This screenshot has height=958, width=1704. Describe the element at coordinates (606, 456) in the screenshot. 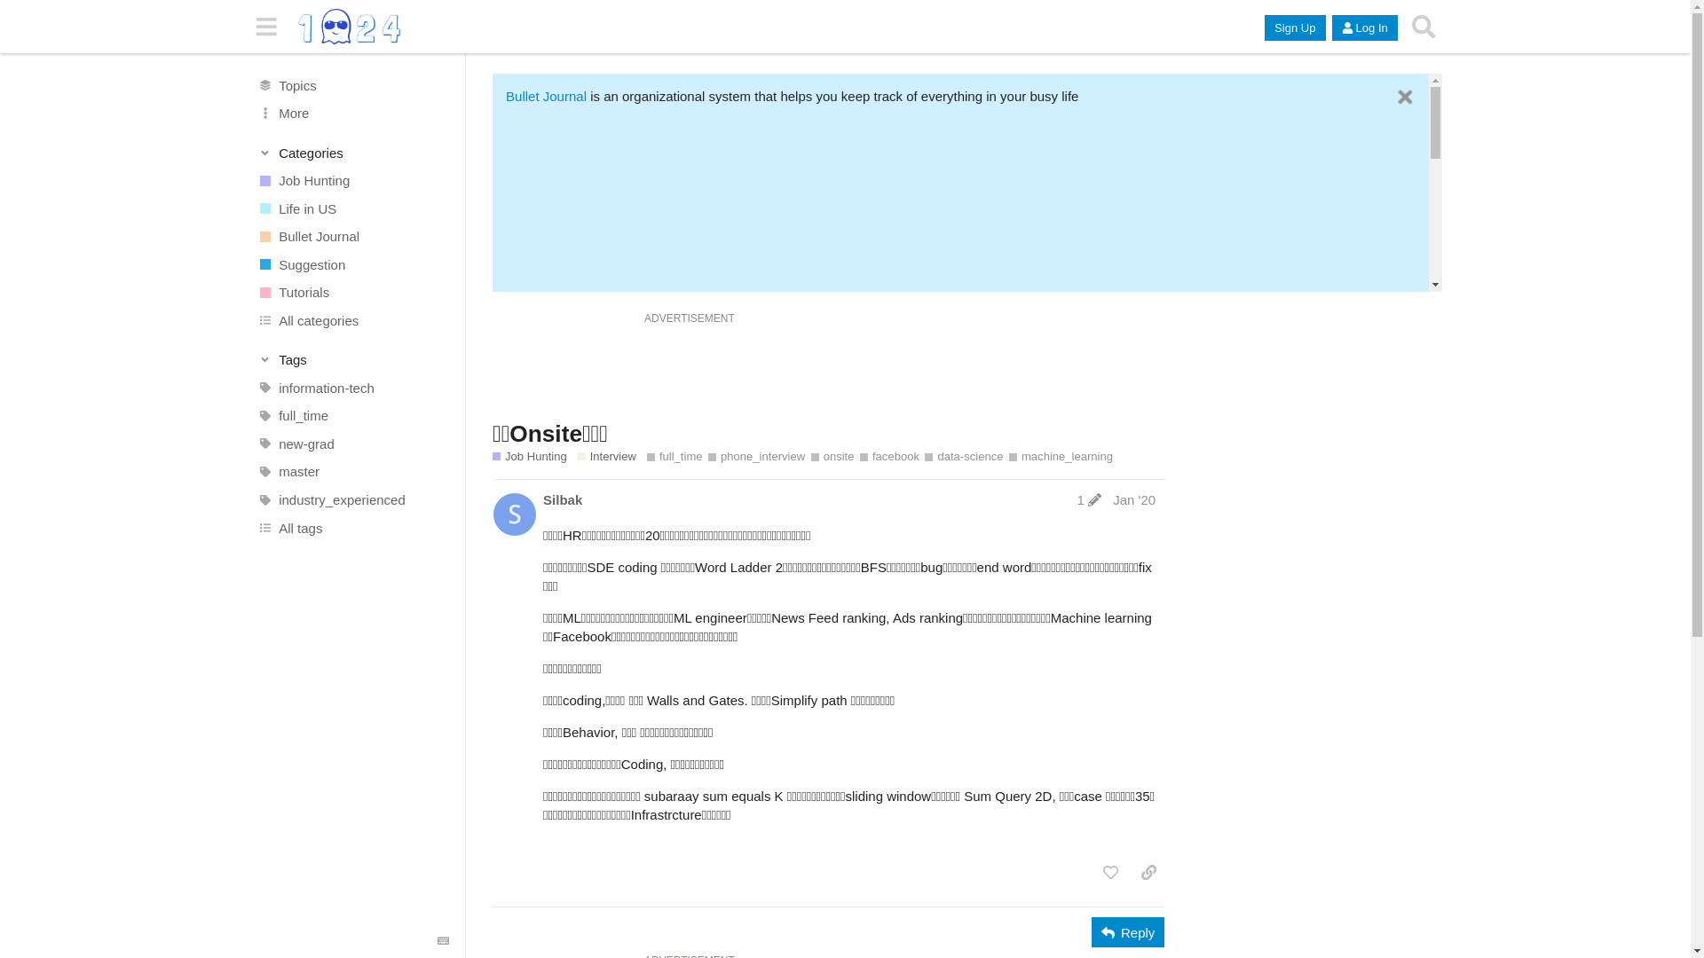

I see `'Interview'` at that location.